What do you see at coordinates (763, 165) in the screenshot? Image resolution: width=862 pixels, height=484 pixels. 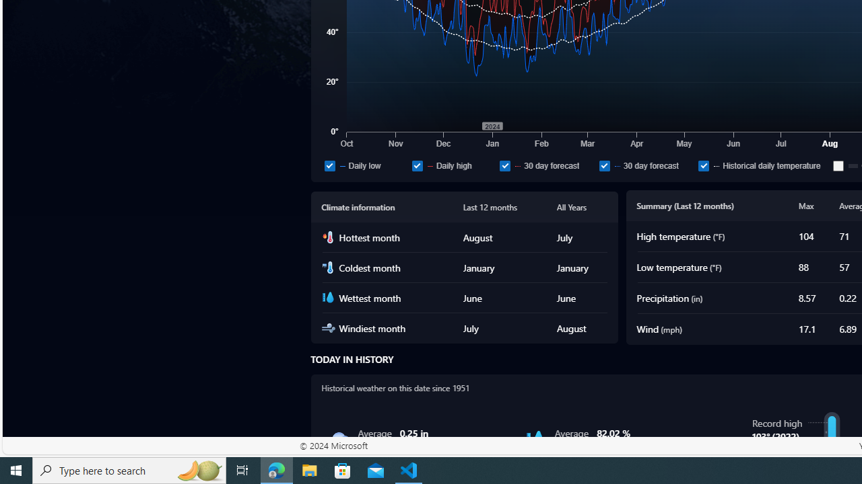 I see `'Historical daily temperature'` at bounding box center [763, 165].